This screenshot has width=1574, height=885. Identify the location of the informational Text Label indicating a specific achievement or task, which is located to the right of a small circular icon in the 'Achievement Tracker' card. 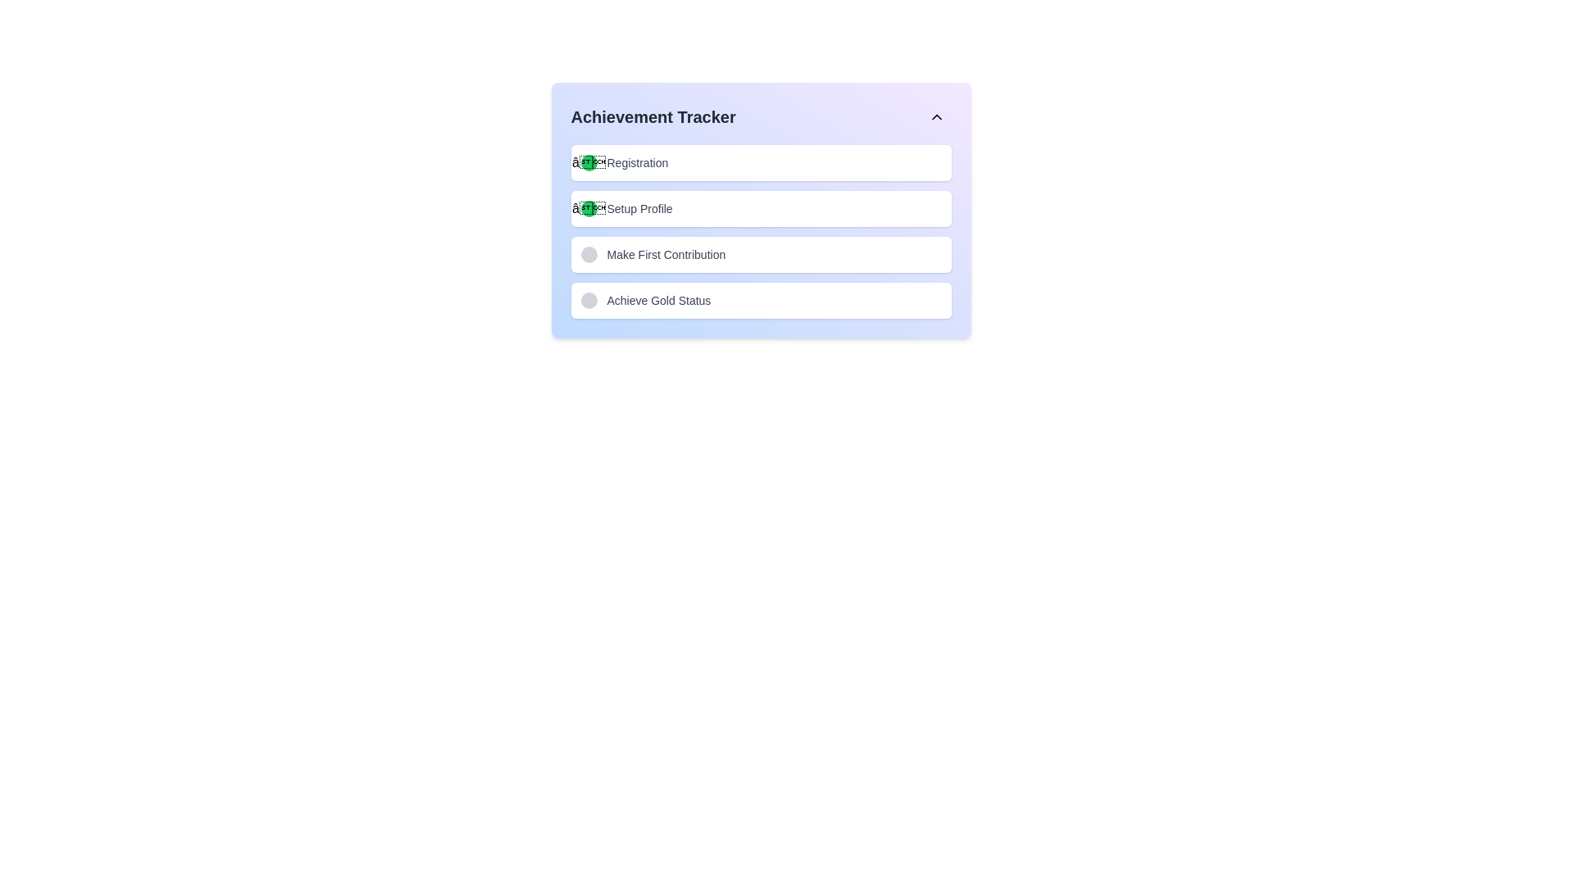
(666, 255).